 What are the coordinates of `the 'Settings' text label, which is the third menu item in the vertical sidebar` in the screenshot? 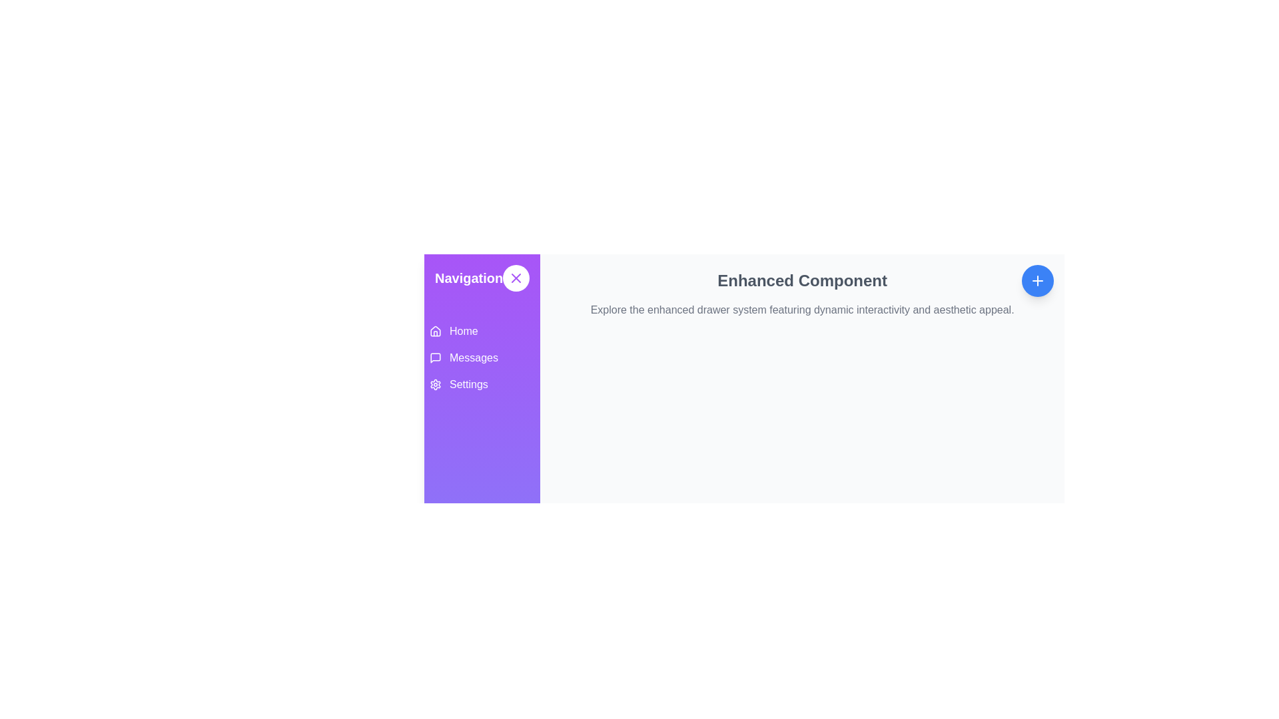 It's located at (468, 385).